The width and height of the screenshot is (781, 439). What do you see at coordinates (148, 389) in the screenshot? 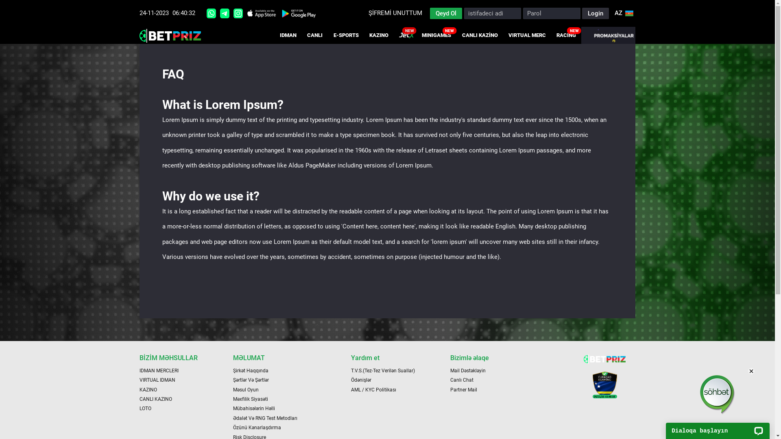
I see `'KAZINO'` at bounding box center [148, 389].